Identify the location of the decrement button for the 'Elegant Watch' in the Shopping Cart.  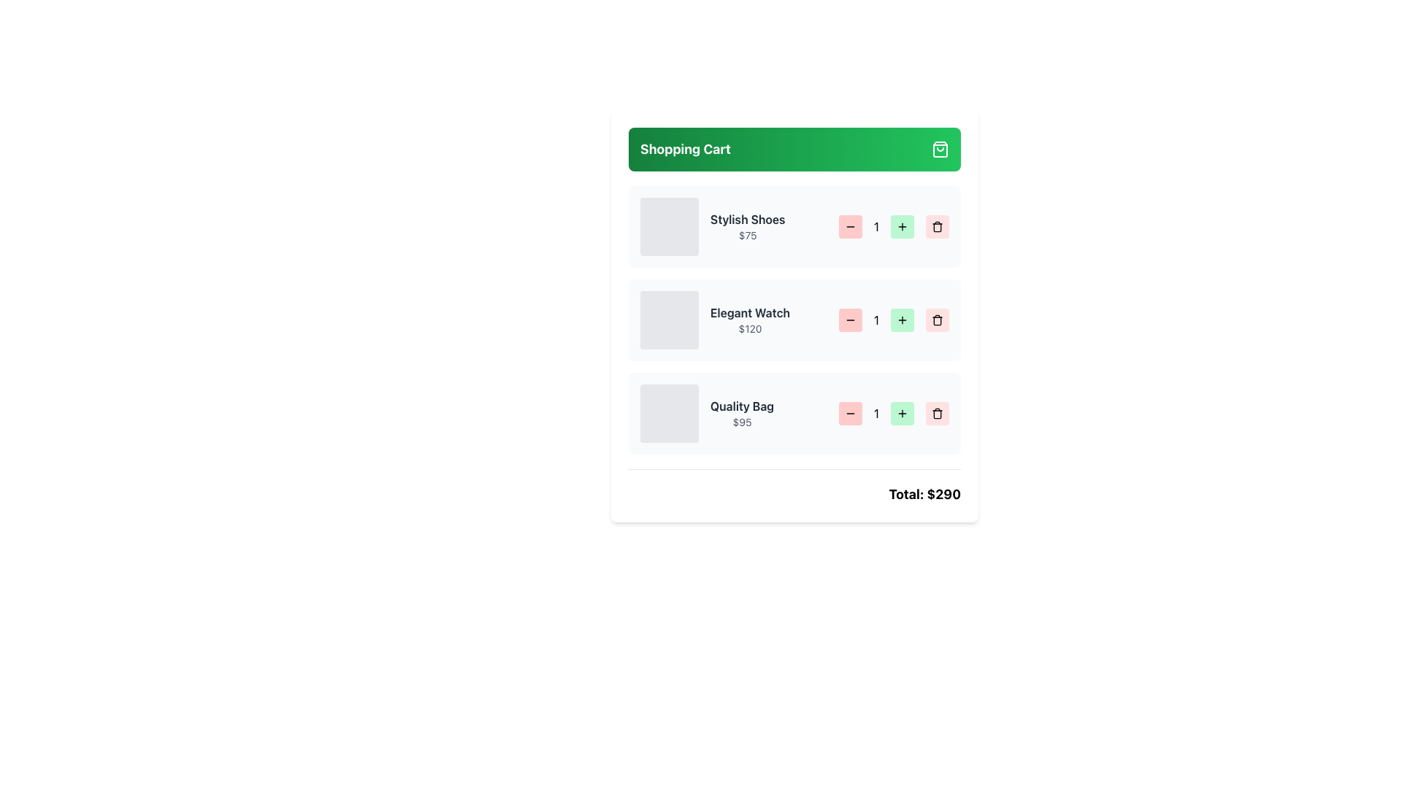
(850, 320).